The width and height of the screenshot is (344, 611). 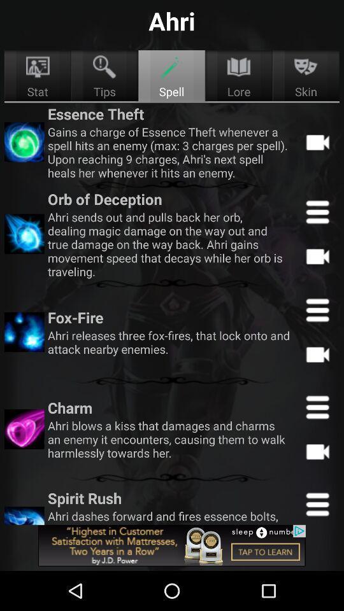 I want to click on more options, so click(x=317, y=309).